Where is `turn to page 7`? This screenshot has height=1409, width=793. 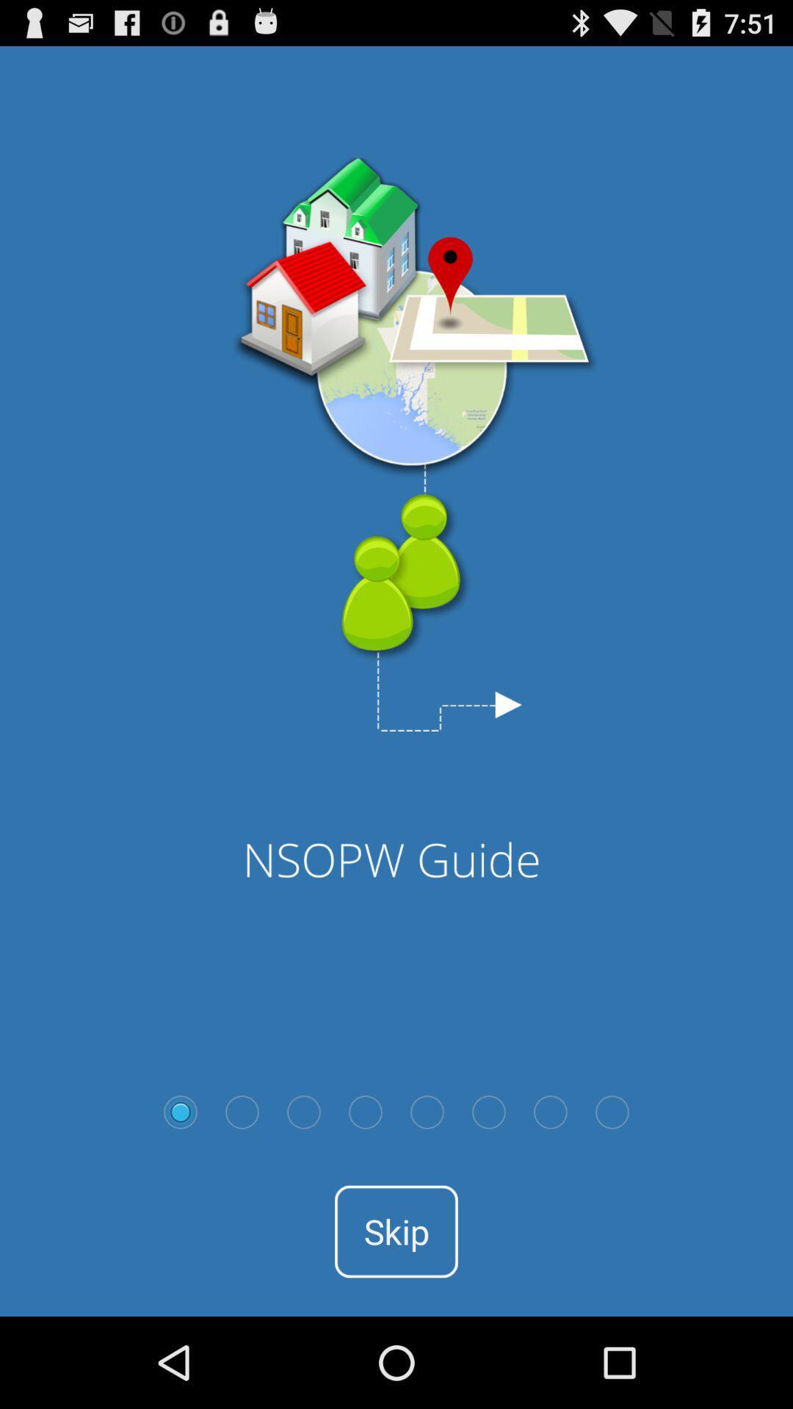
turn to page 7 is located at coordinates (550, 1112).